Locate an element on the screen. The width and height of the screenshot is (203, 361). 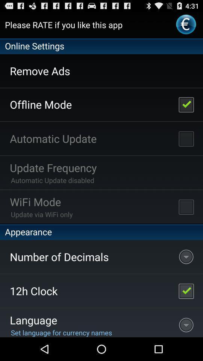
turn on wifi mode is located at coordinates (186, 206).